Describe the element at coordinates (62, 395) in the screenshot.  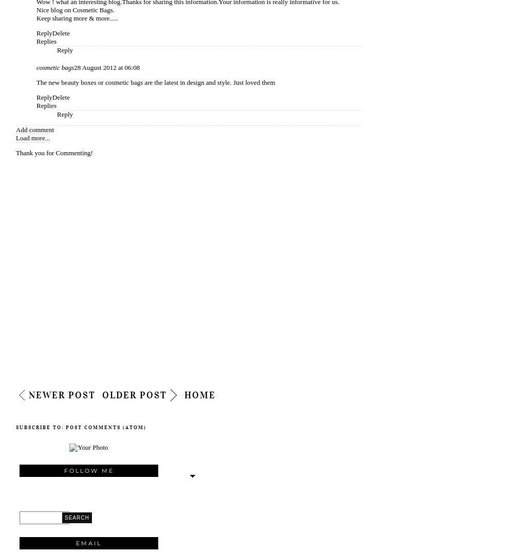
I see `'Newer Post'` at that location.